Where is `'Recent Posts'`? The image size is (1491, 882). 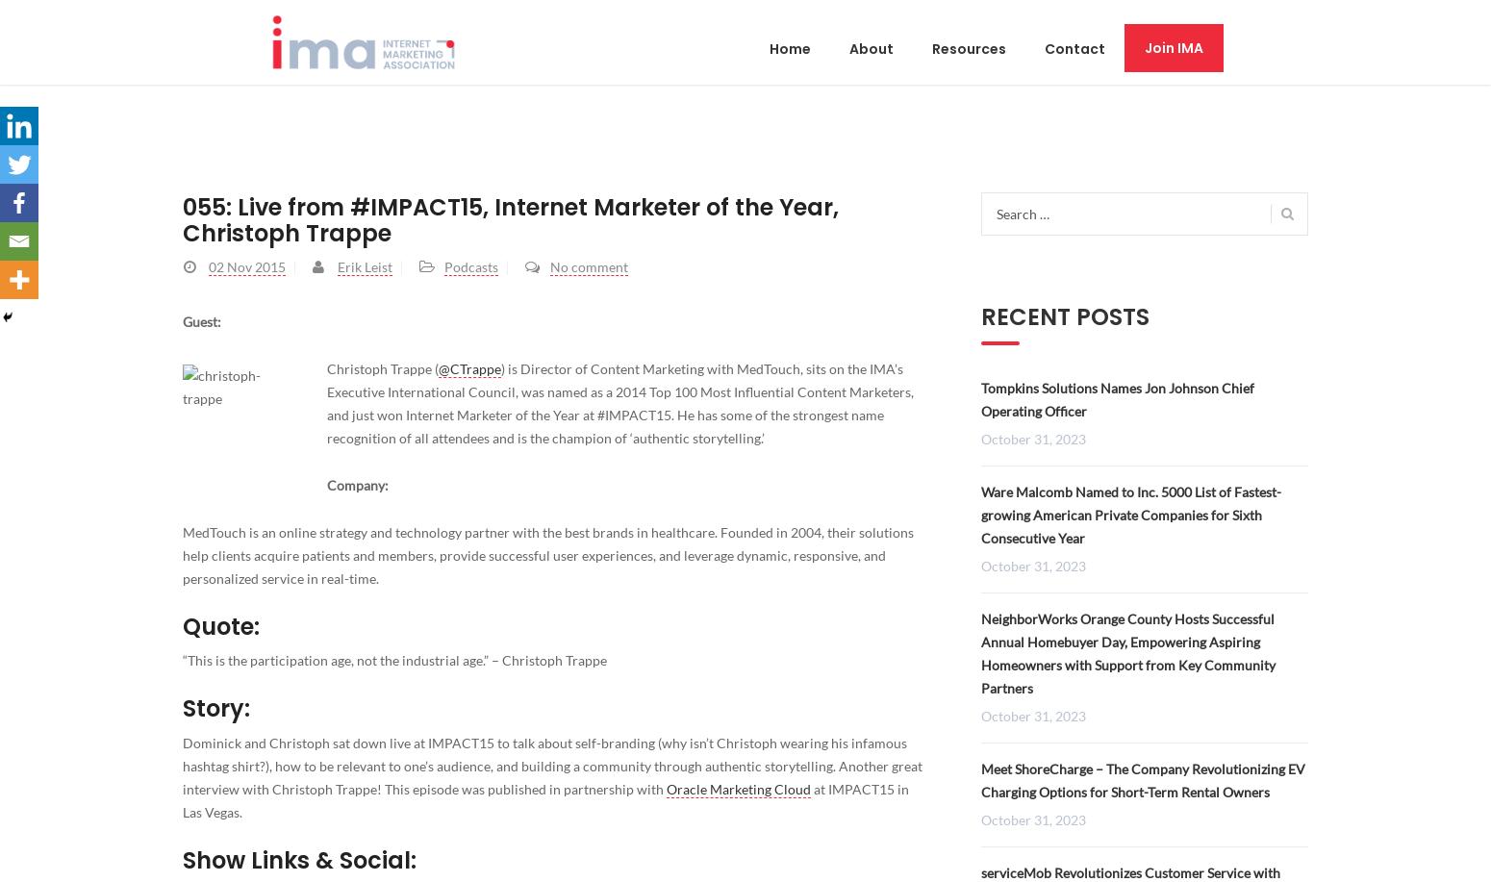 'Recent Posts' is located at coordinates (1064, 315).